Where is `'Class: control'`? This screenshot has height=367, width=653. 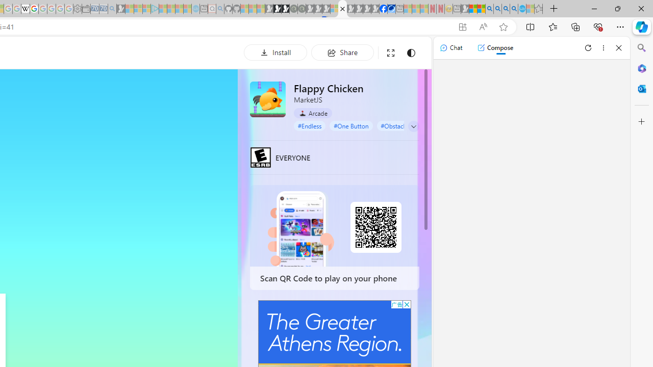 'Class: control' is located at coordinates (414, 126).